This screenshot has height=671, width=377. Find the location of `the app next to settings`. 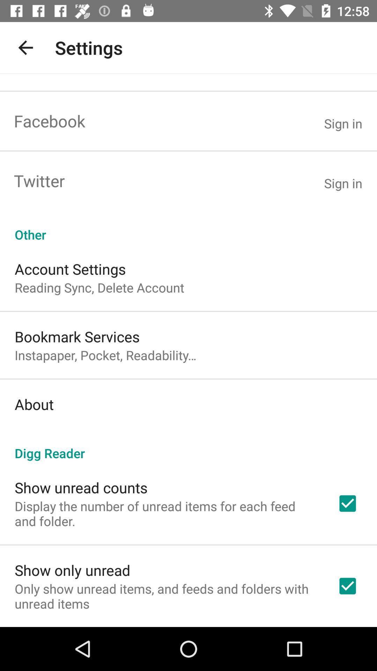

the app next to settings is located at coordinates (25, 47).